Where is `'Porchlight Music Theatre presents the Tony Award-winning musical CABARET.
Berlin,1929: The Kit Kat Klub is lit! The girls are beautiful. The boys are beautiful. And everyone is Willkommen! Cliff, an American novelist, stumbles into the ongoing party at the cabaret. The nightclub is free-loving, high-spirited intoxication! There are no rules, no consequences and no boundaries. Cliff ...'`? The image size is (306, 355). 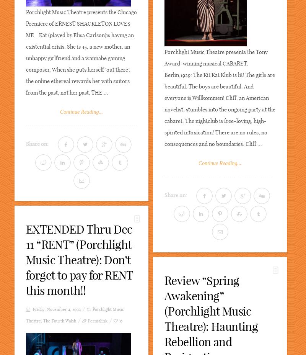 'Porchlight Music Theatre presents the Tony Award-winning musical CABARET.
Berlin,1929: The Kit Kat Klub is lit! The girls are beautiful. The boys are beautiful. And everyone is Willkommen! Cliff, an American novelist, stumbles into the ongoing party at the cabaret. The nightclub is free-loving, high-spirited intoxication! There are no rules, no consequences and no boundaries. Cliff ...' is located at coordinates (220, 98).